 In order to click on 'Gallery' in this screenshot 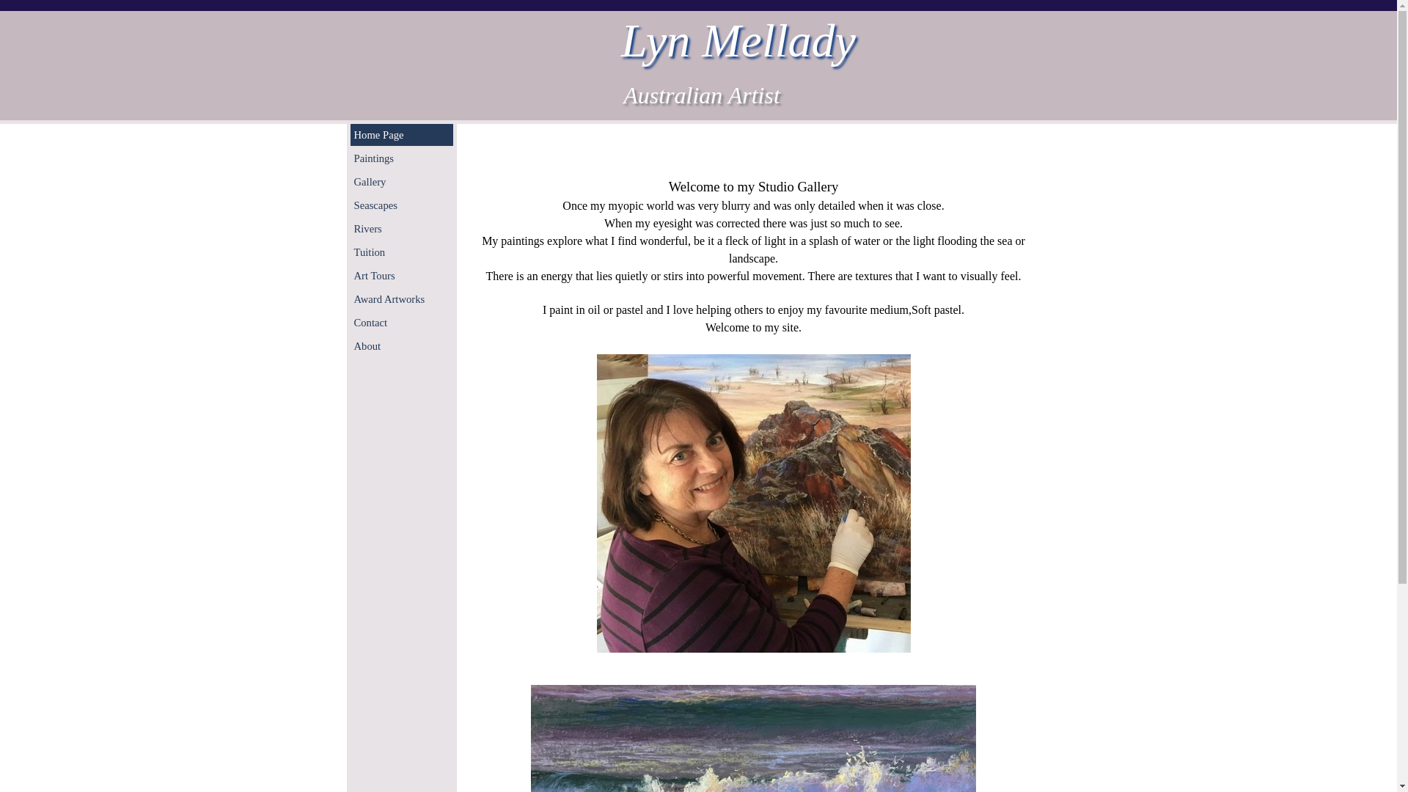, I will do `click(401, 180)`.